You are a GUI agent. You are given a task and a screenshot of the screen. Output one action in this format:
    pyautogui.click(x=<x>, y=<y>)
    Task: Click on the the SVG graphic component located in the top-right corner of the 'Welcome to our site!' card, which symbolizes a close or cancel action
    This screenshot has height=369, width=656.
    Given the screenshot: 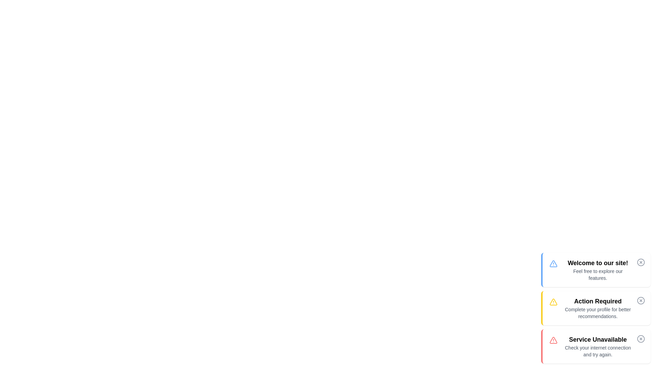 What is the action you would take?
    pyautogui.click(x=641, y=262)
    